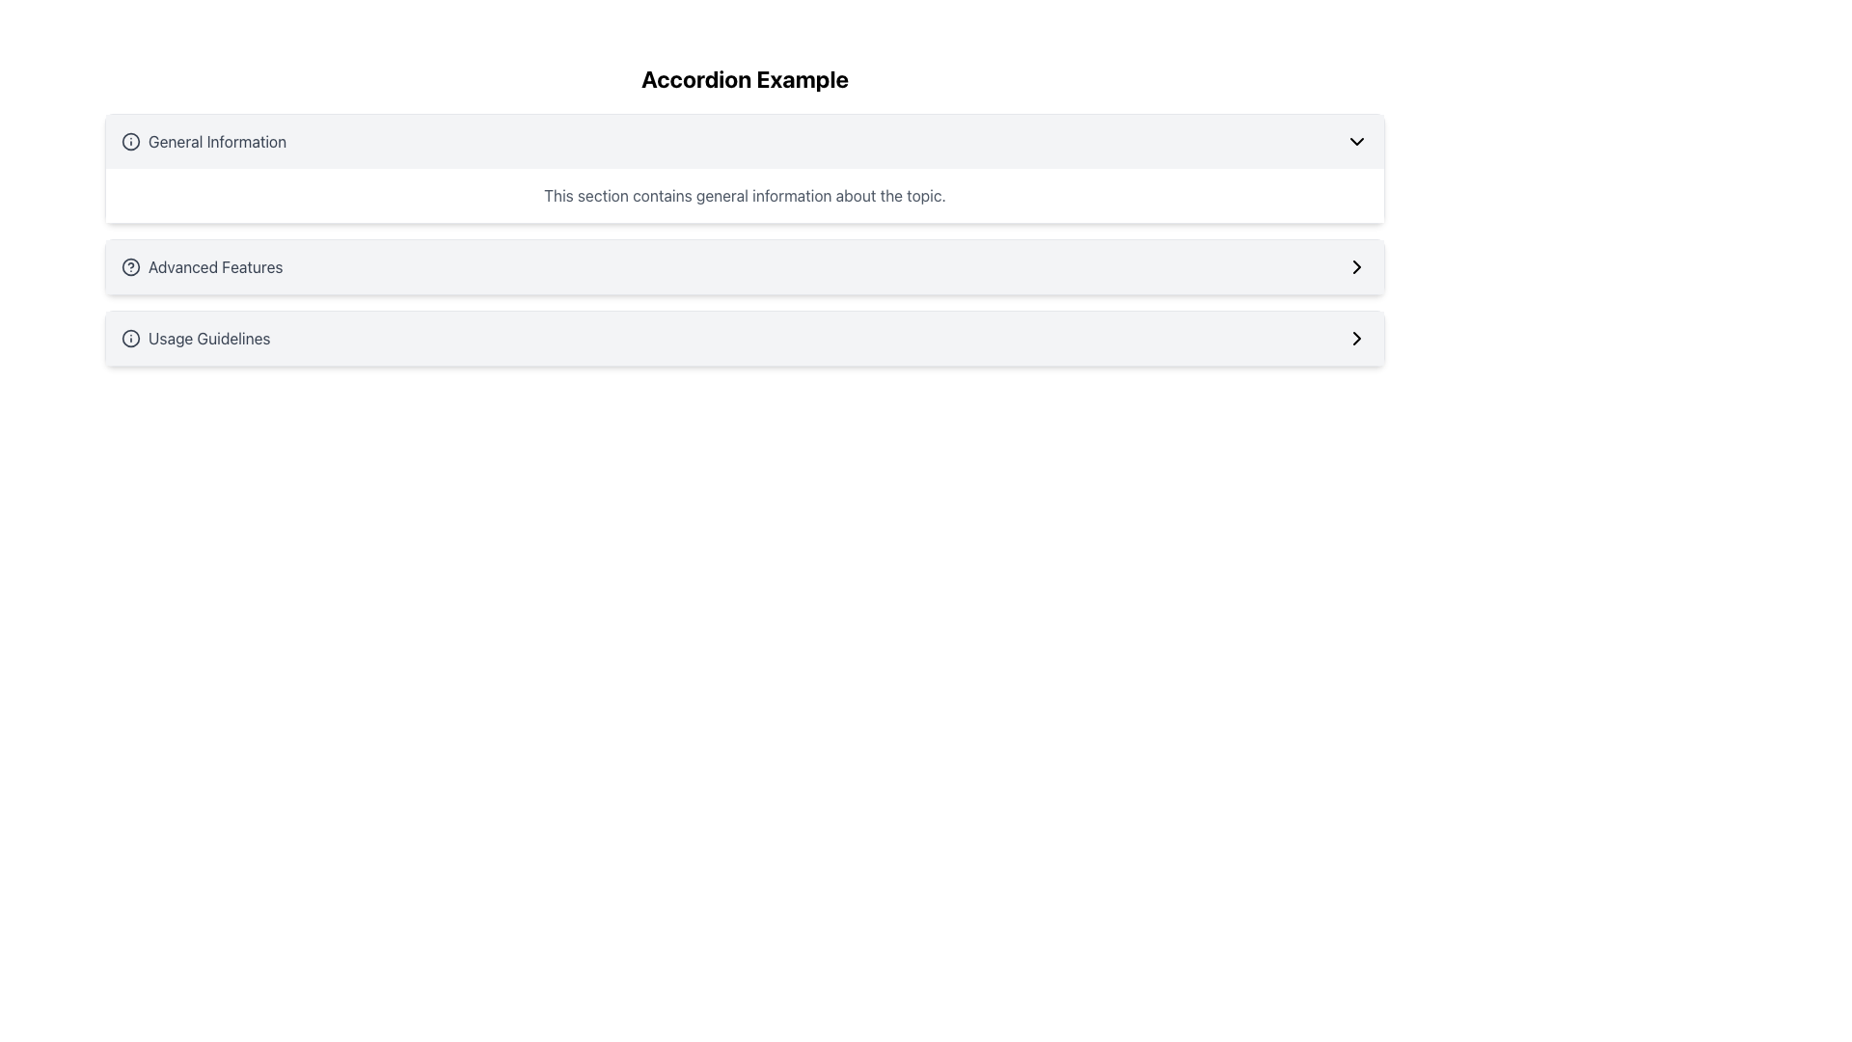  I want to click on static text header 'Accordion Example' which is displayed in bold at the top of the component, centered horizontally, so click(744, 77).